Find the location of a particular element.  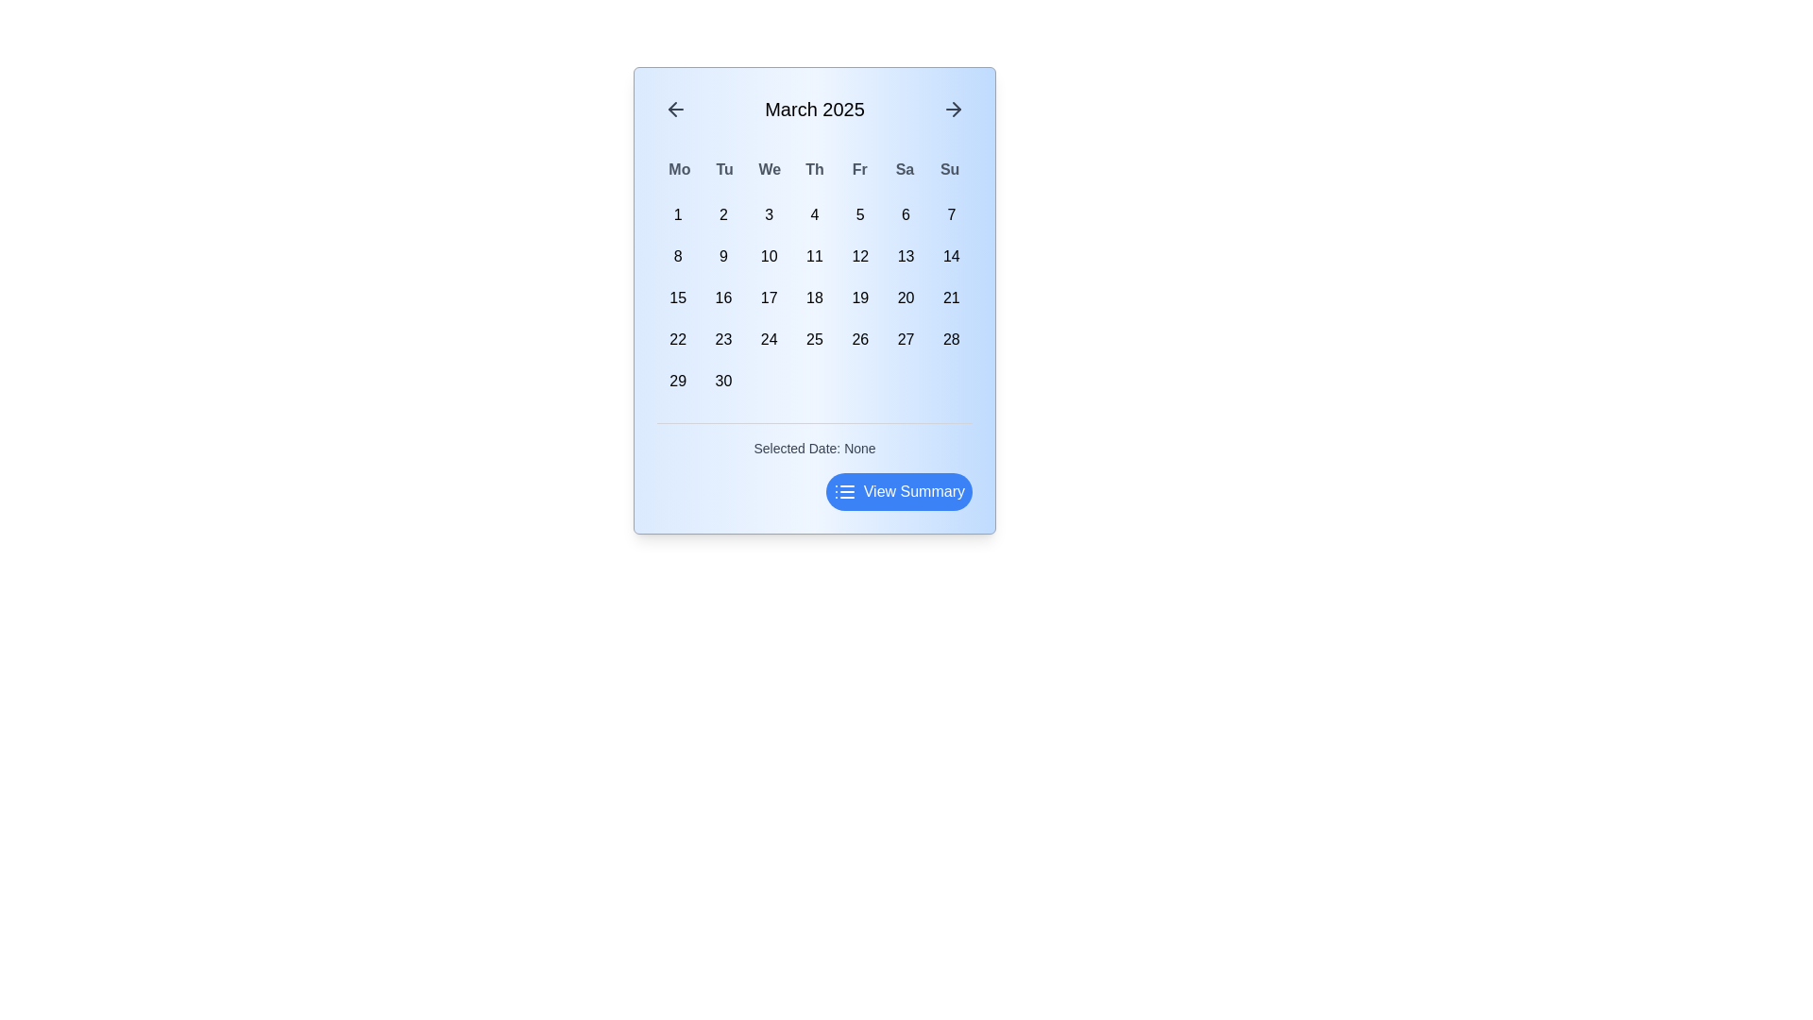

the selectable date '7' button in the calendar interface is located at coordinates (951, 213).